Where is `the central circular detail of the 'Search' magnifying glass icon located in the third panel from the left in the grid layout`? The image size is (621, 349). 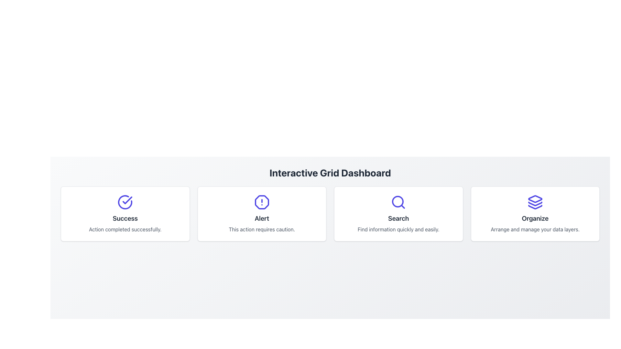 the central circular detail of the 'Search' magnifying glass icon located in the third panel from the left in the grid layout is located at coordinates (398, 201).